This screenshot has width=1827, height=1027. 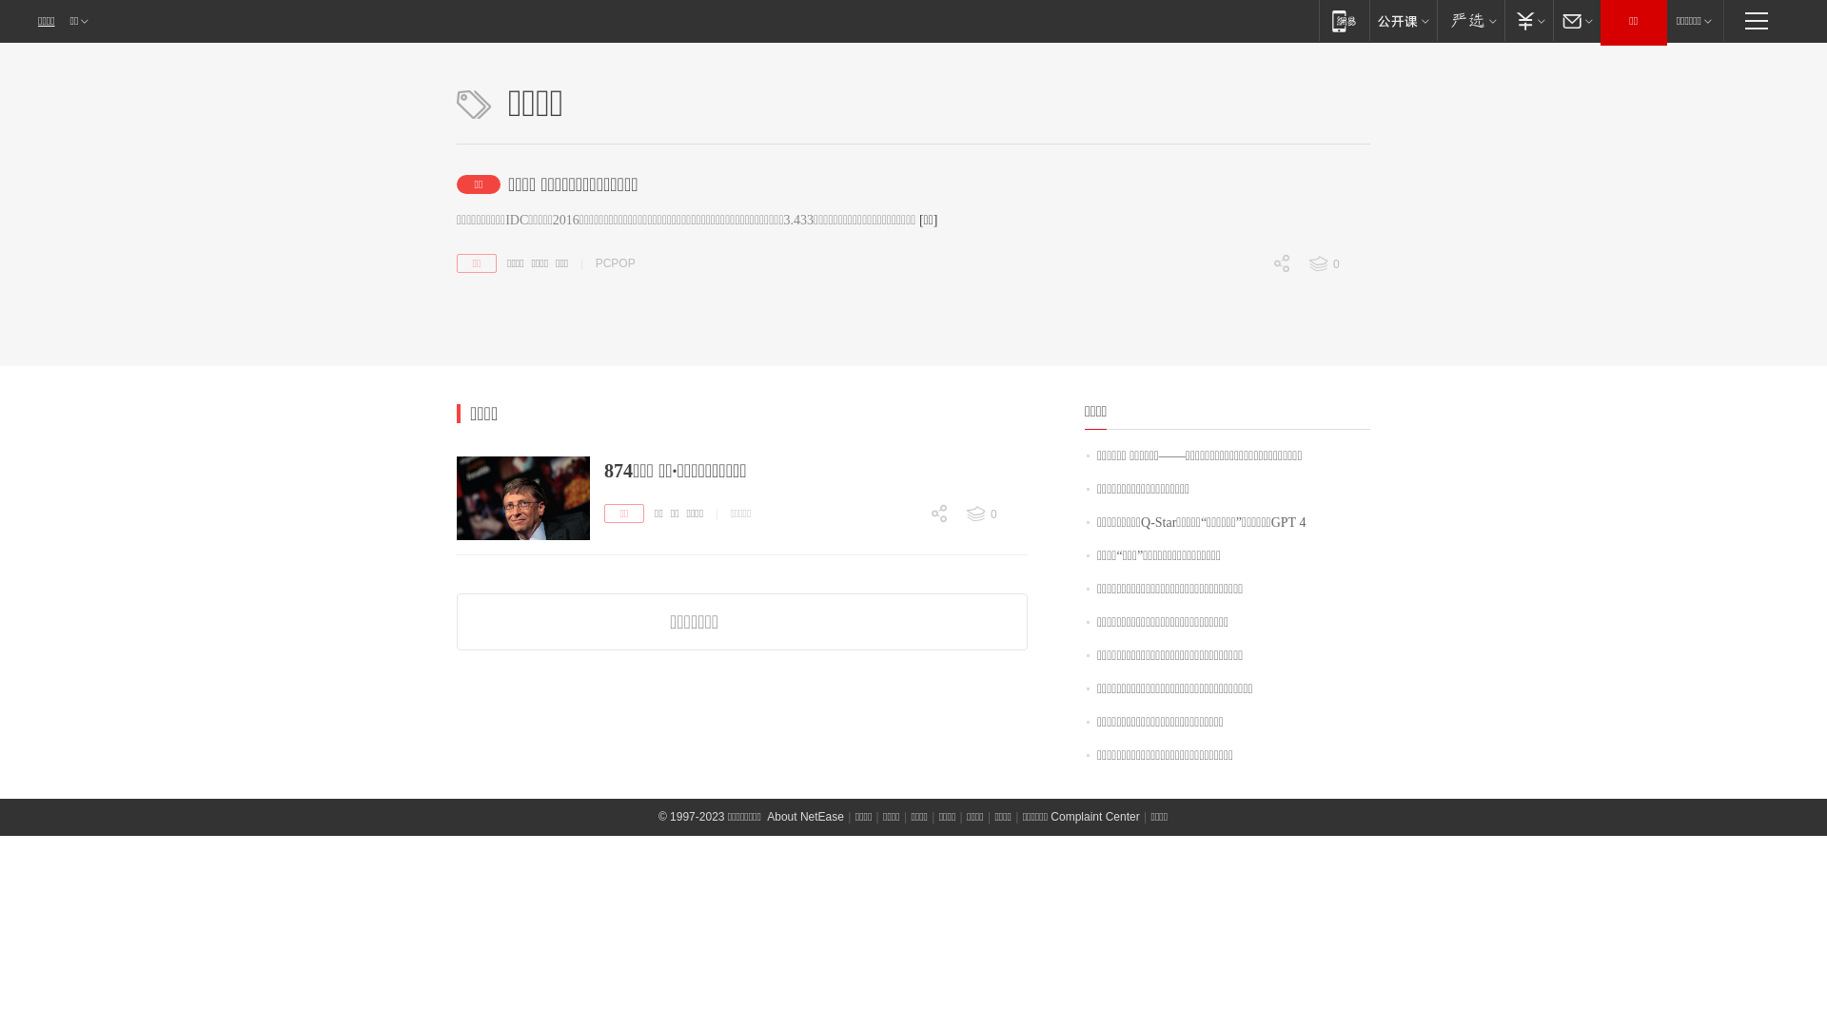 I want to click on '0', so click(x=1243, y=395).